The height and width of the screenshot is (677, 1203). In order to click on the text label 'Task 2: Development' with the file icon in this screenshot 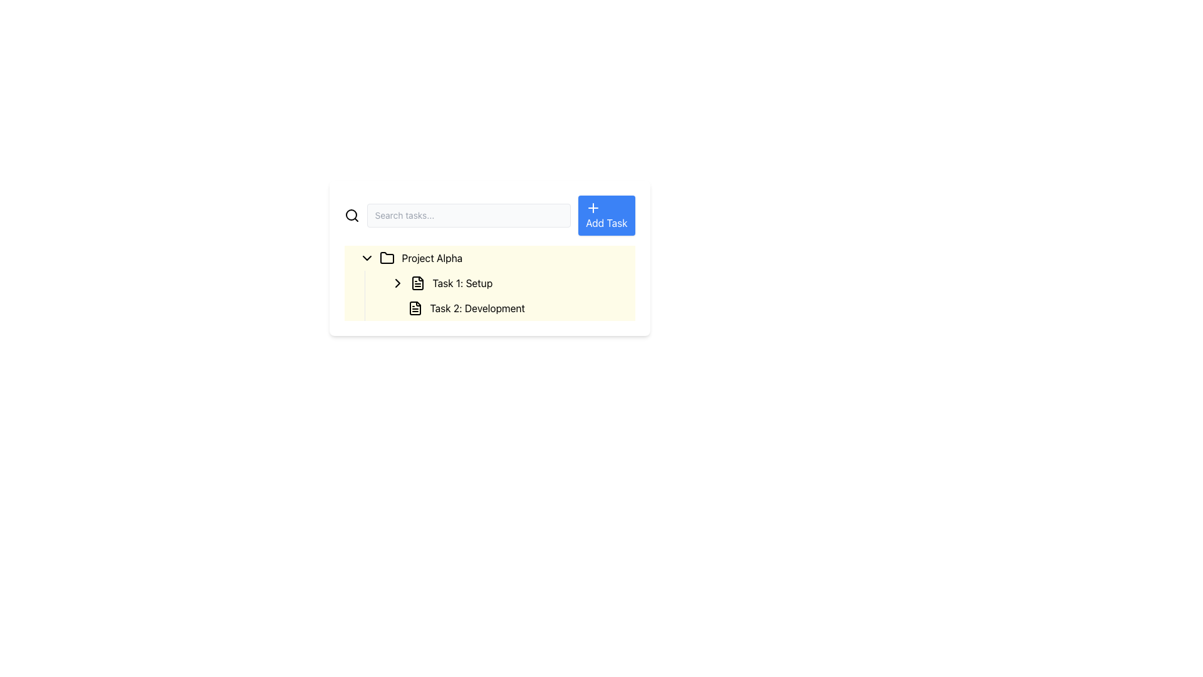, I will do `click(505, 308)`.